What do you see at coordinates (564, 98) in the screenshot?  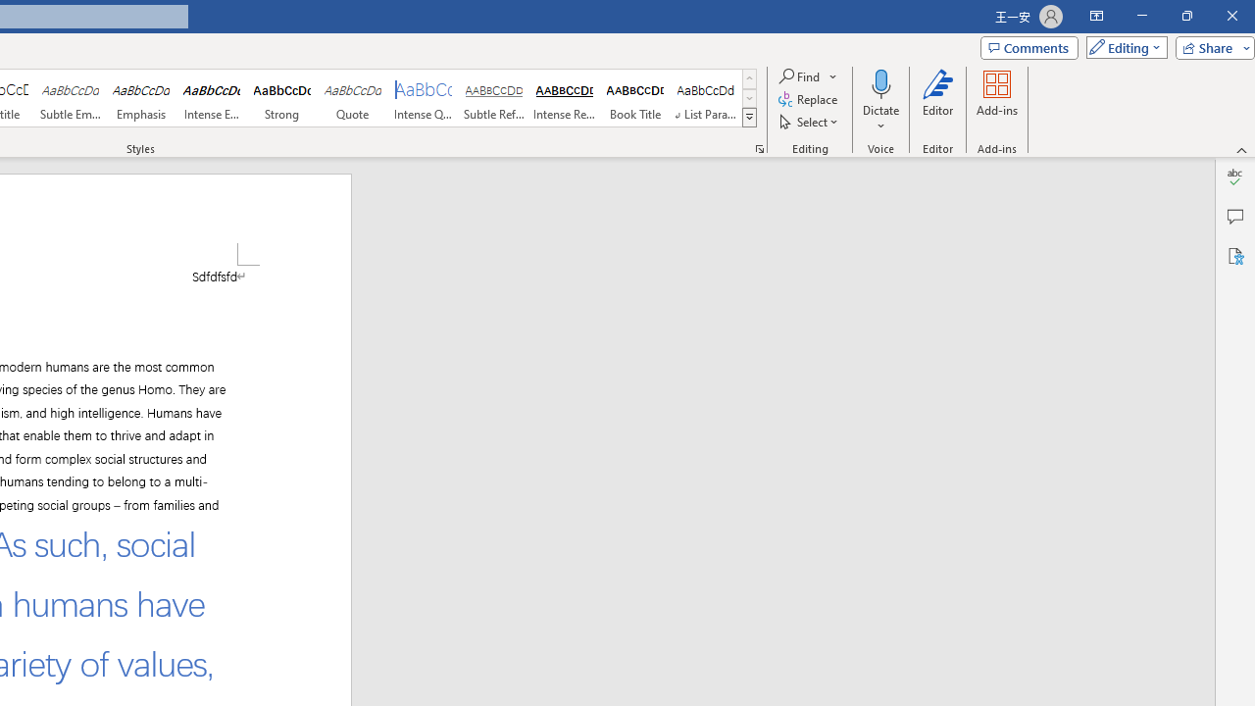 I see `'Intense Reference'` at bounding box center [564, 98].